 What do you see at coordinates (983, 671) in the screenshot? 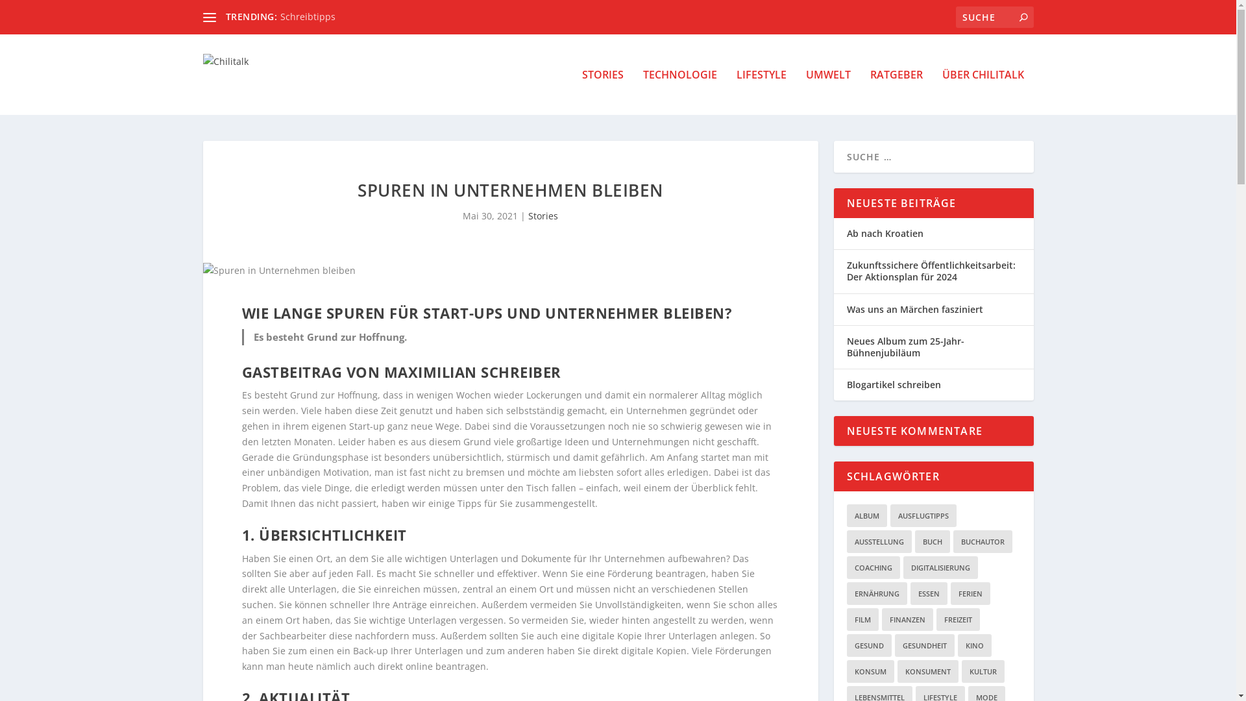
I see `'KULTUR'` at bounding box center [983, 671].